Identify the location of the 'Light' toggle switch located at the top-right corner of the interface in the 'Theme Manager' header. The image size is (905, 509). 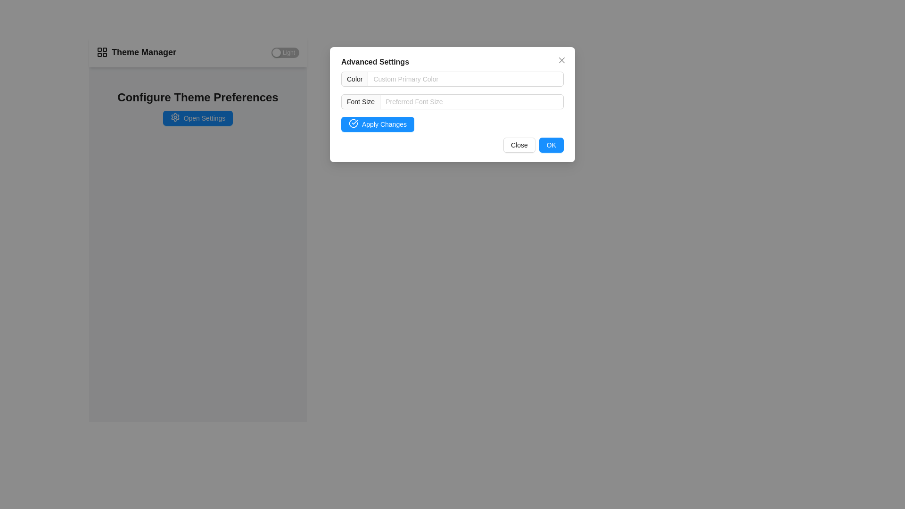
(285, 53).